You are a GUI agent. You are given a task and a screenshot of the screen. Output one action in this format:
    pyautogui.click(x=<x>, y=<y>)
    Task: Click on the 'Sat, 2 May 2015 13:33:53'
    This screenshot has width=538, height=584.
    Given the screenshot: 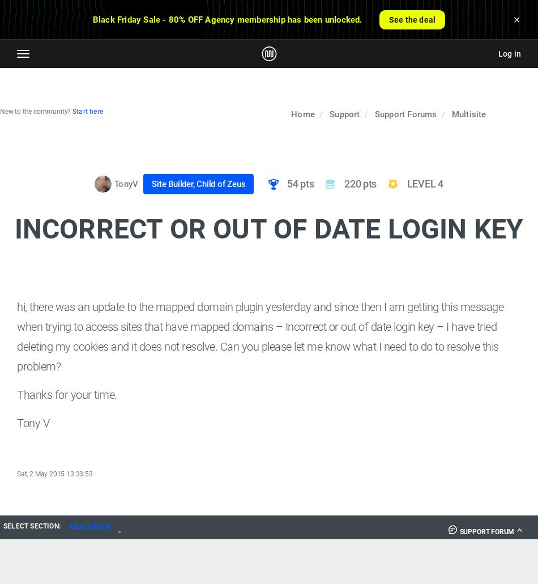 What is the action you would take?
    pyautogui.click(x=54, y=474)
    